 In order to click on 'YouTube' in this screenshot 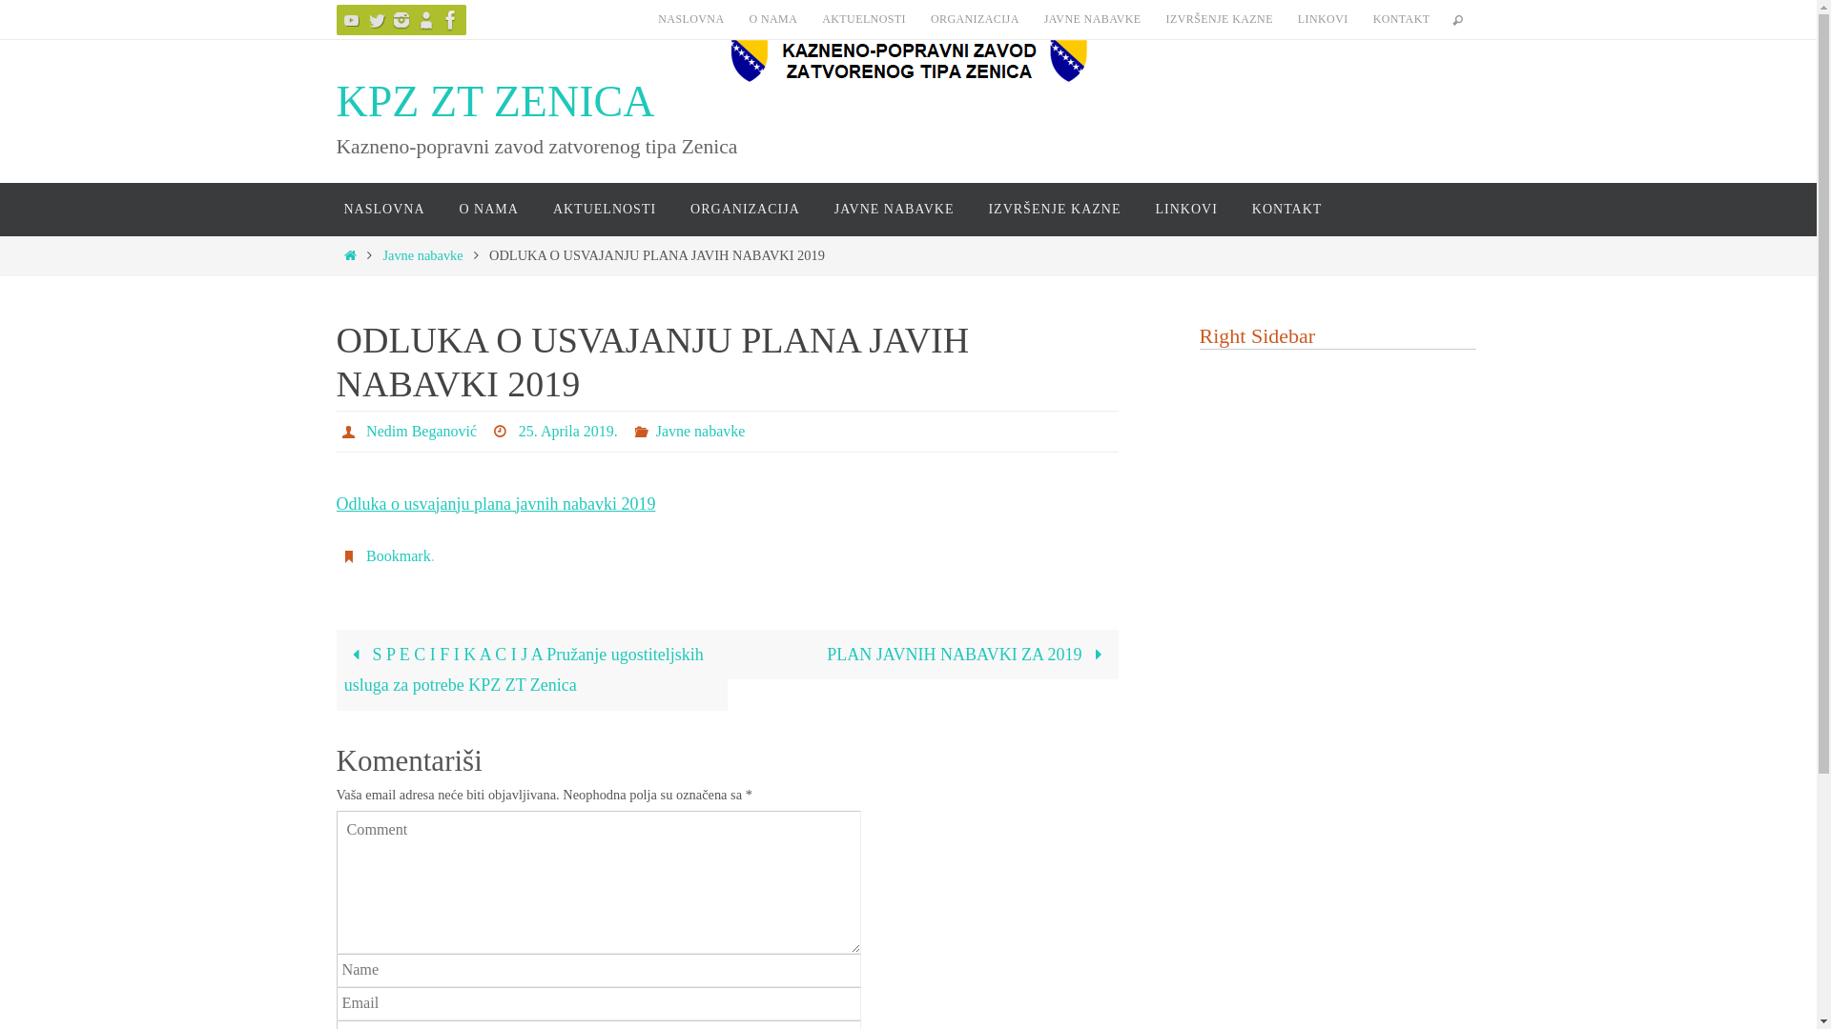, I will do `click(335, 19)`.